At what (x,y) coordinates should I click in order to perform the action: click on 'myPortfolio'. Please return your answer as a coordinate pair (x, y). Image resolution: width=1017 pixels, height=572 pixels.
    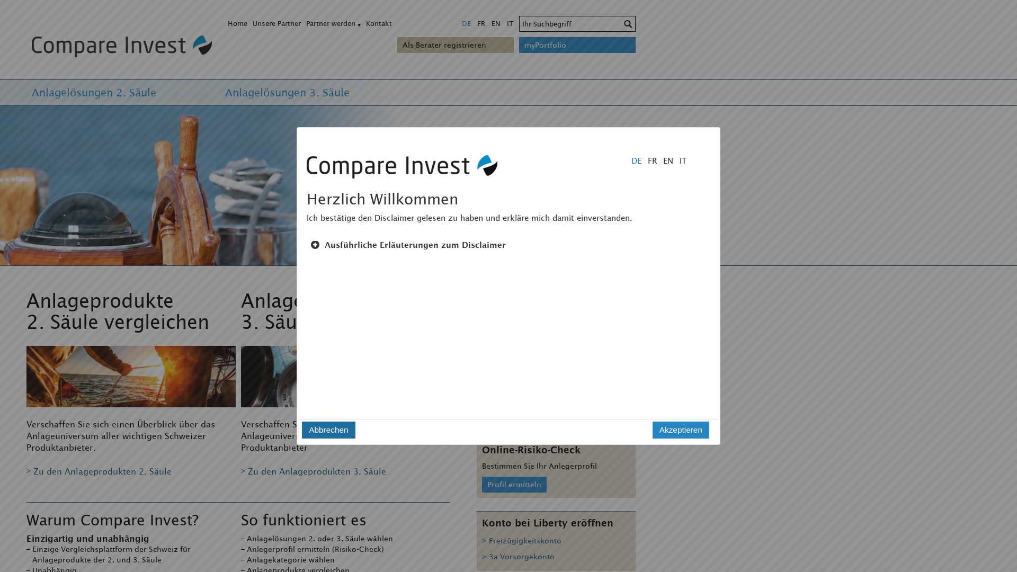
    Looking at the image, I should click on (576, 44).